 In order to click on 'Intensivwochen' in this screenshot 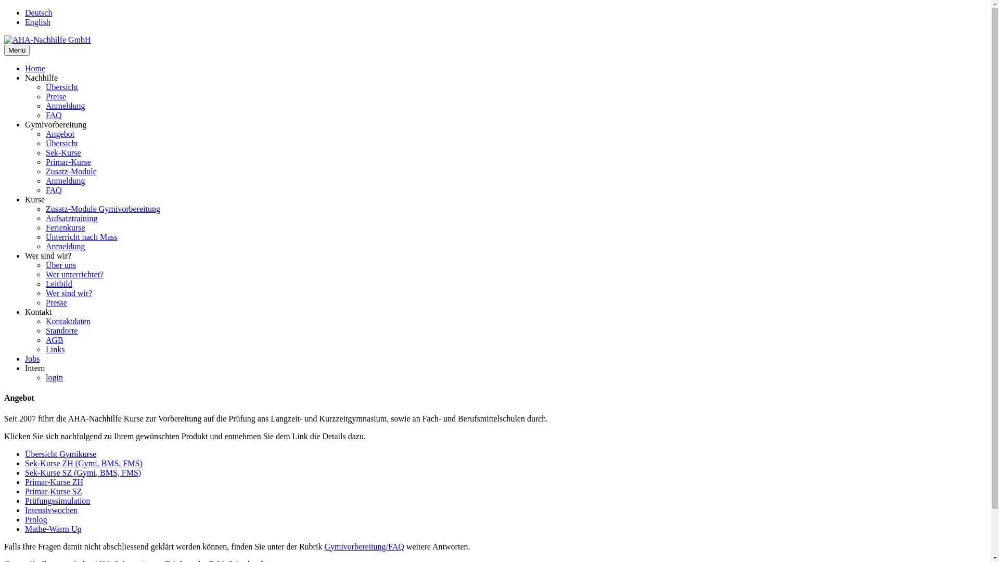, I will do `click(50, 509)`.